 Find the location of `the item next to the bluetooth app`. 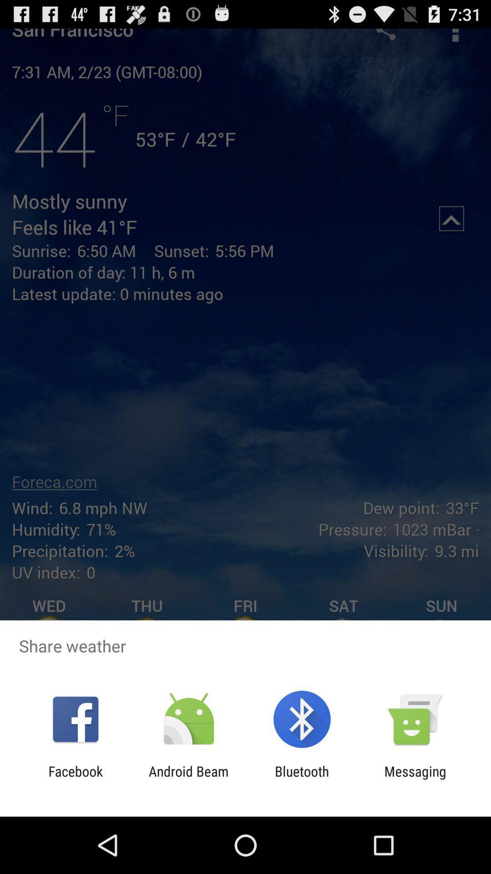

the item next to the bluetooth app is located at coordinates (188, 779).